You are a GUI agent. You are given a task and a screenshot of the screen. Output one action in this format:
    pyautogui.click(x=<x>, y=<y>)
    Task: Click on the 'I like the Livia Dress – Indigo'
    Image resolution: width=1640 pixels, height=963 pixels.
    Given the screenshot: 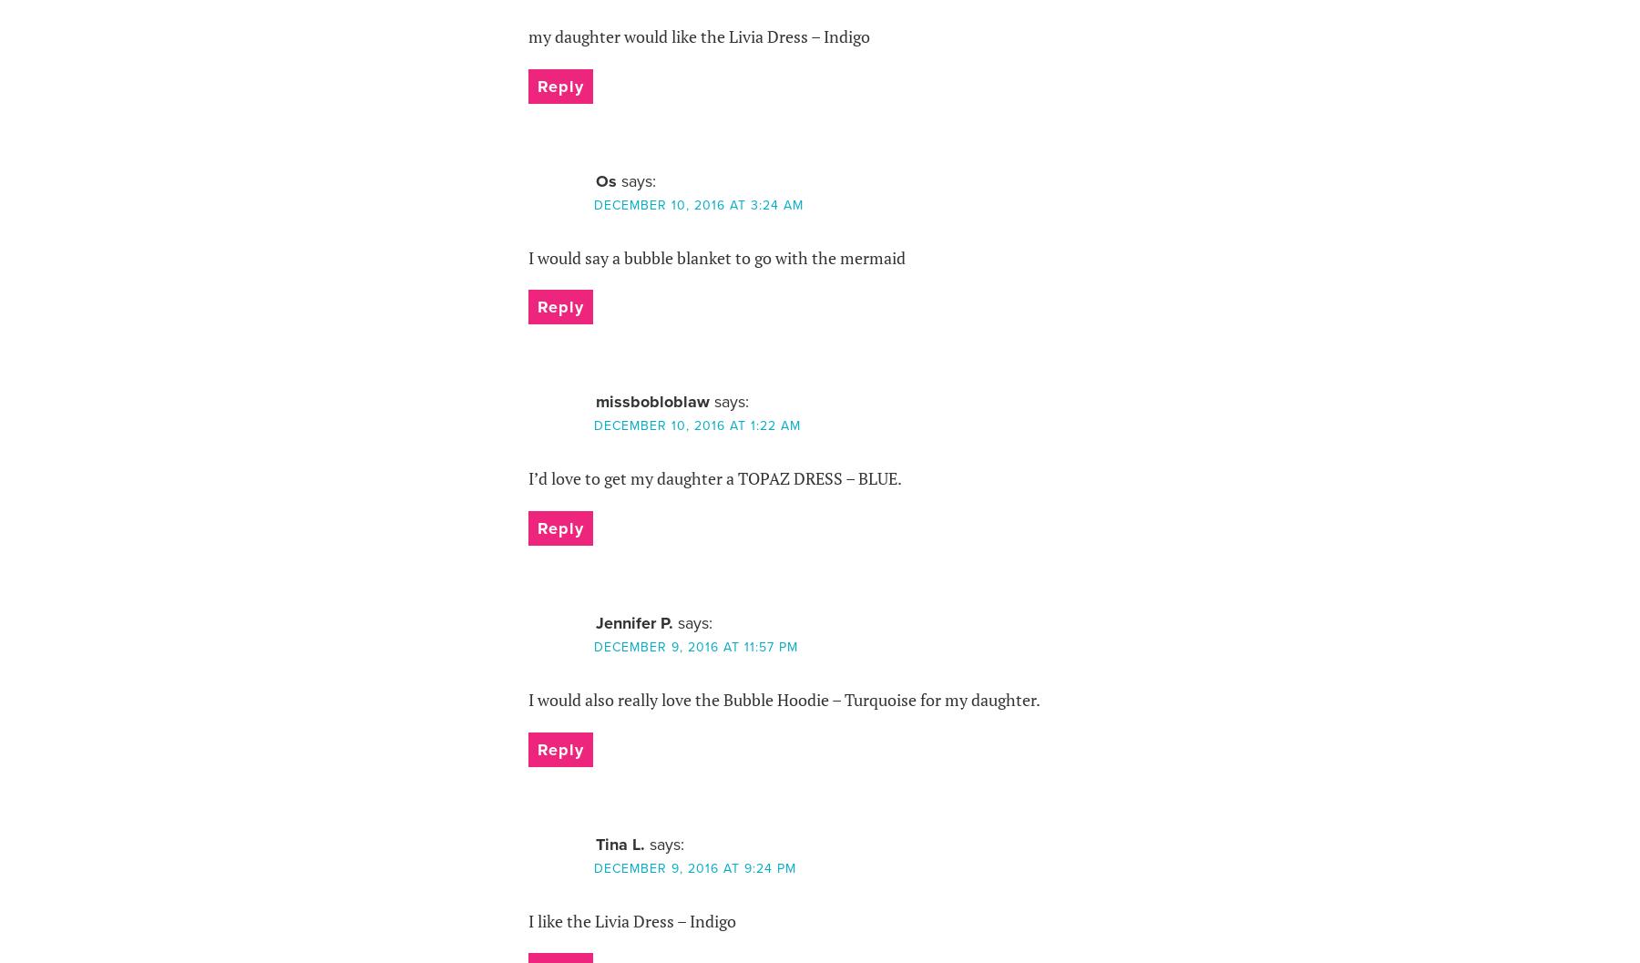 What is the action you would take?
    pyautogui.click(x=630, y=918)
    